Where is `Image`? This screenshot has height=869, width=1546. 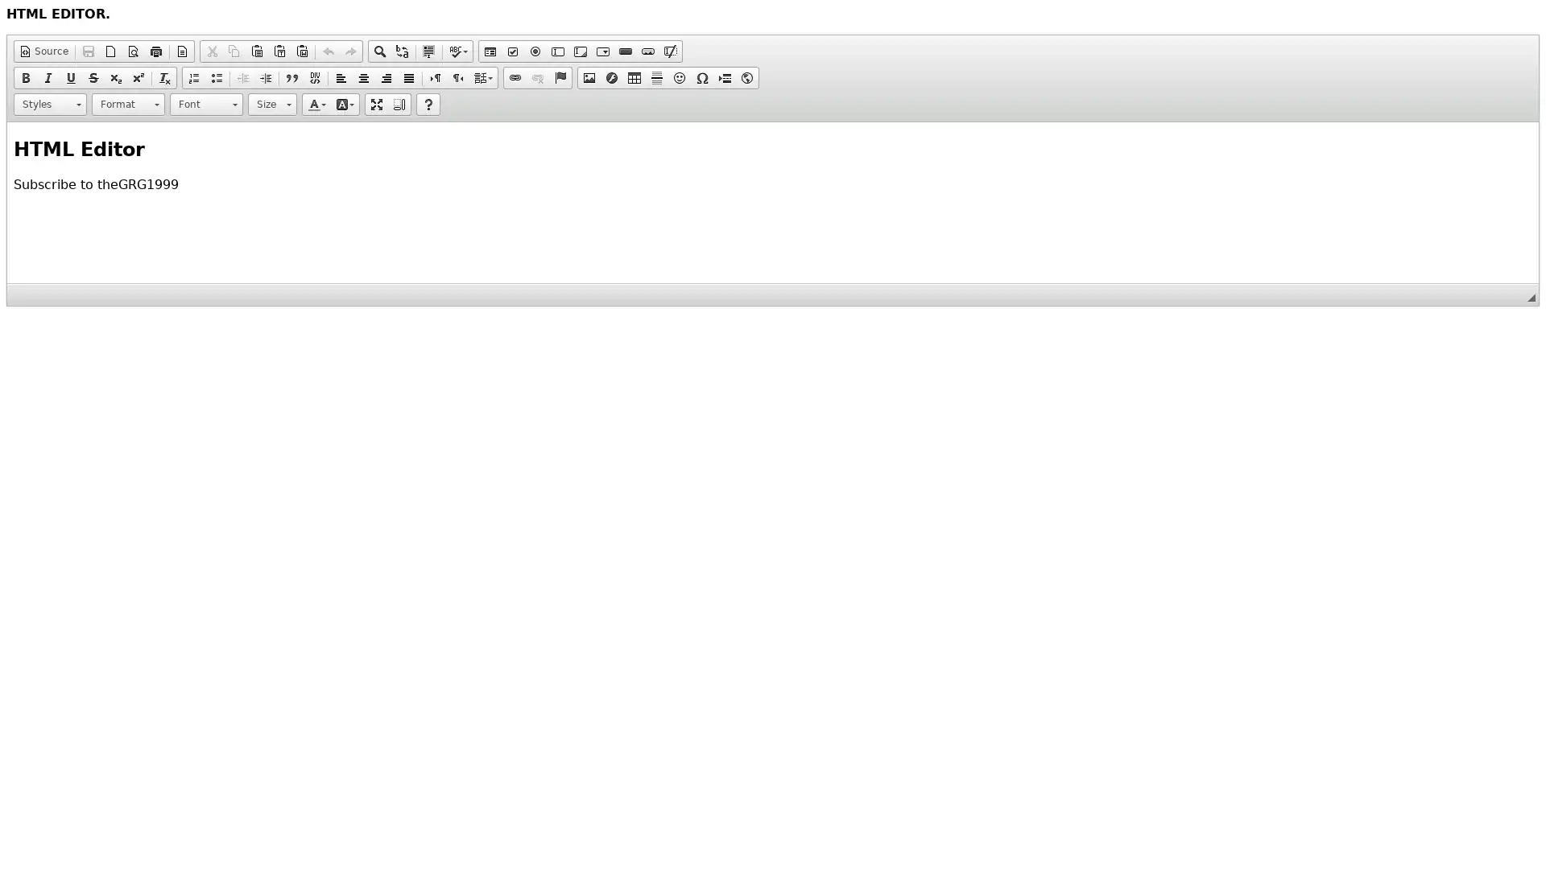 Image is located at coordinates (588, 77).